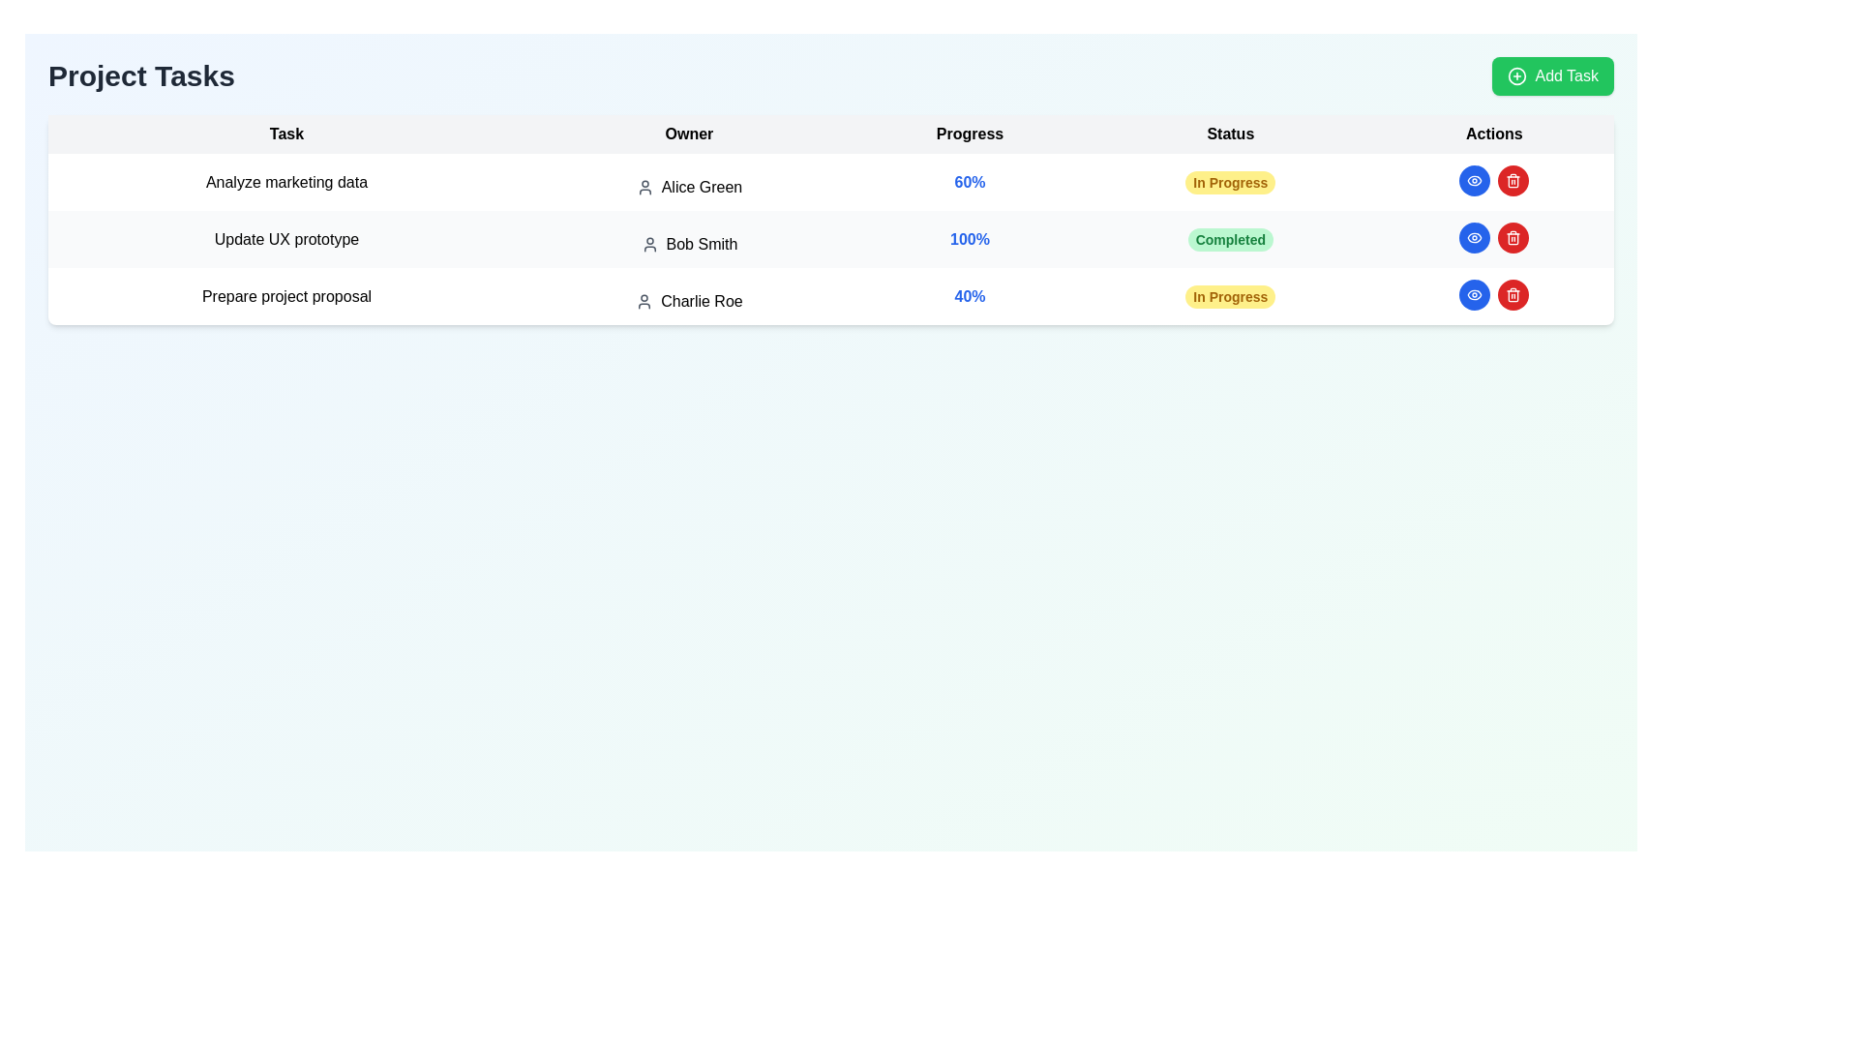  I want to click on the user icon in the 'Owner' column, located to the left of 'Charlie Roe' in the row for 'Prepare project proposal', so click(644, 302).